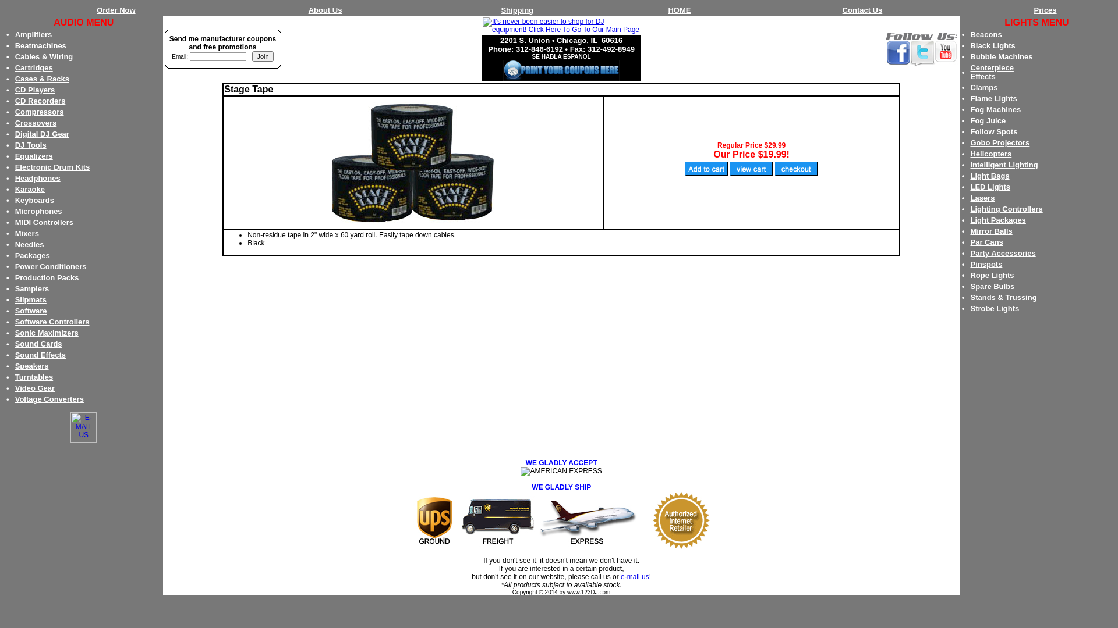  What do you see at coordinates (992, 286) in the screenshot?
I see `'Spare Bulbs'` at bounding box center [992, 286].